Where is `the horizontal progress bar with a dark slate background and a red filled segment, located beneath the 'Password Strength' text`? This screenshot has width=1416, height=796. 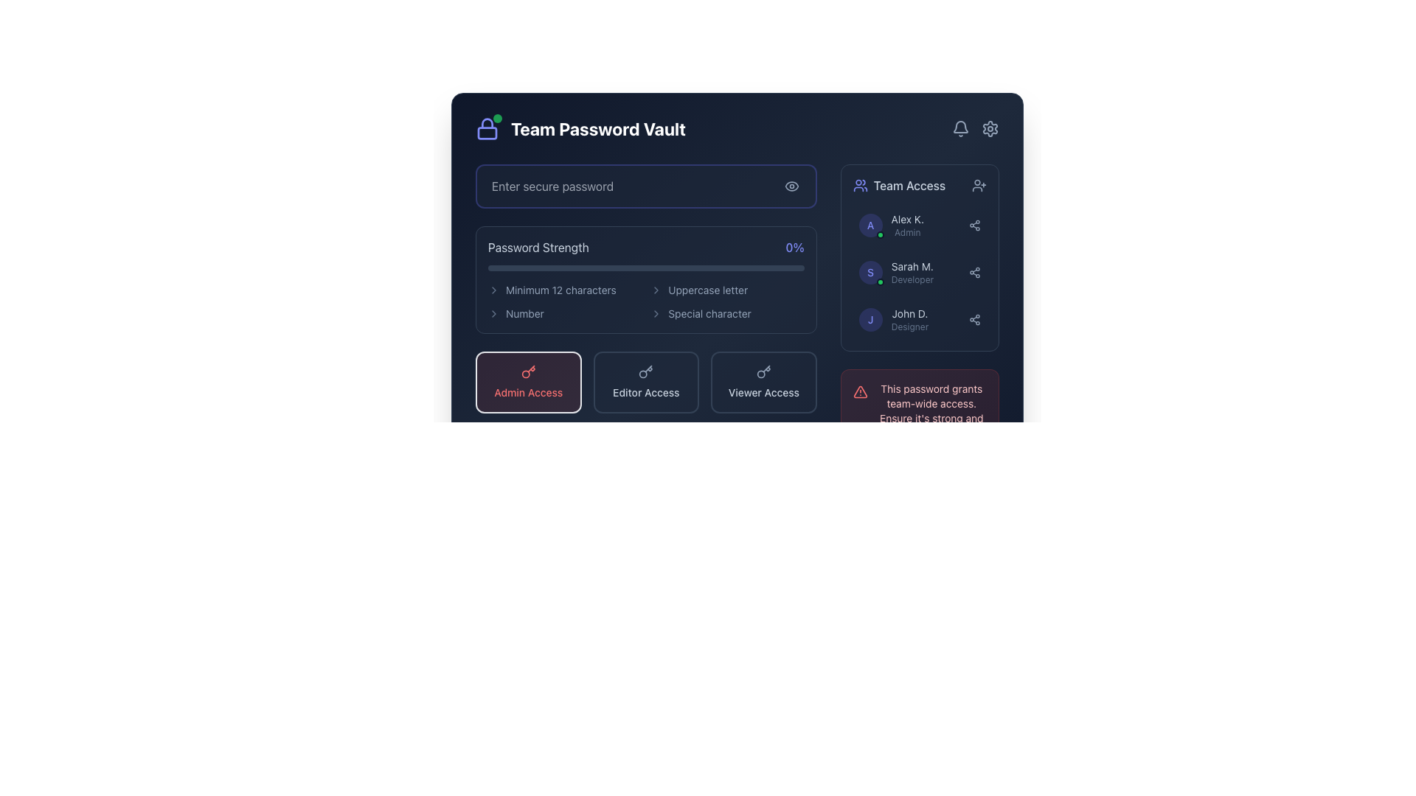
the horizontal progress bar with a dark slate background and a red filled segment, located beneath the 'Password Strength' text is located at coordinates (646, 268).